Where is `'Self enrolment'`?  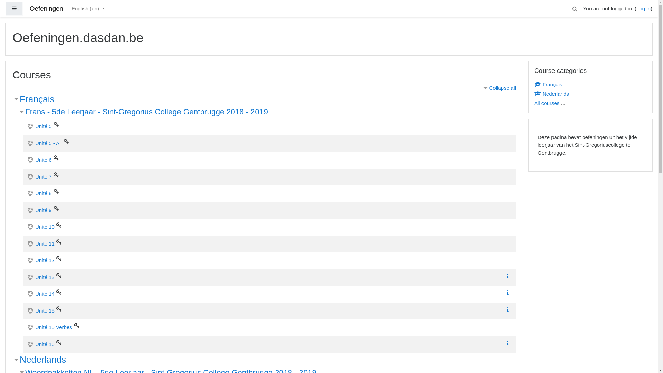 'Self enrolment' is located at coordinates (56, 207).